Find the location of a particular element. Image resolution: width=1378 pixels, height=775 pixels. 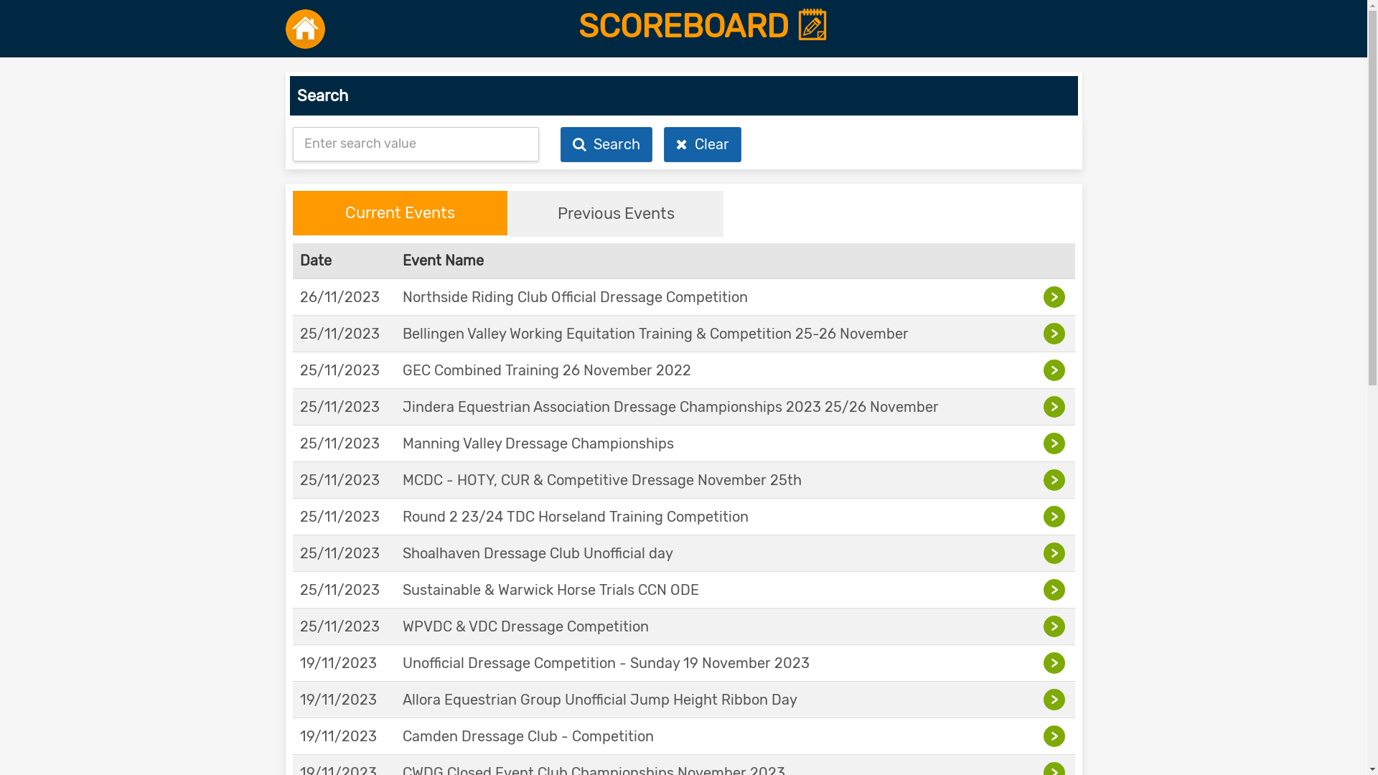

'Shoalhaven Dressage Club Unofficial day' is located at coordinates (537, 553).